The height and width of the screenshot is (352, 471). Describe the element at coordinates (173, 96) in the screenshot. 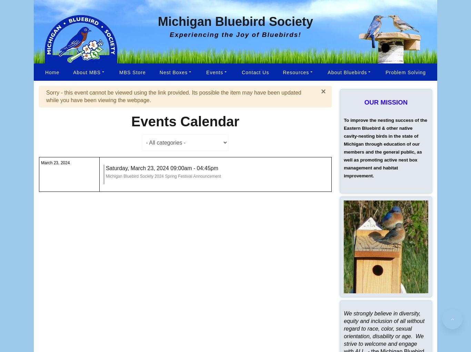

I see `'Sorry - this event cannot be viewed using the link provided. Its possible the item may have been updated while you have been viewing the webpage.'` at that location.